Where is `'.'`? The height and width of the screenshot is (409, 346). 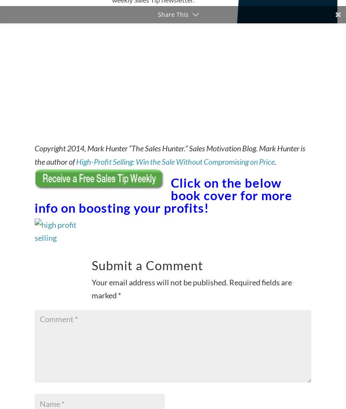 '.' is located at coordinates (275, 161).